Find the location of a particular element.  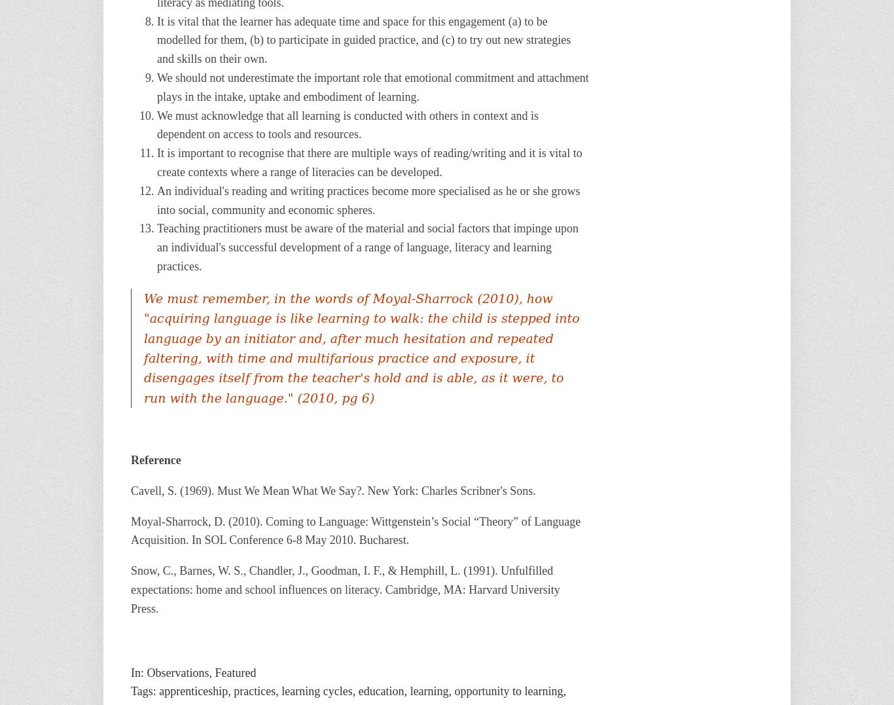

'It is important to recognise that there are multiple ways of reading/writing and it is vital to create contexts where a range of literacies can be developed.' is located at coordinates (369, 162).